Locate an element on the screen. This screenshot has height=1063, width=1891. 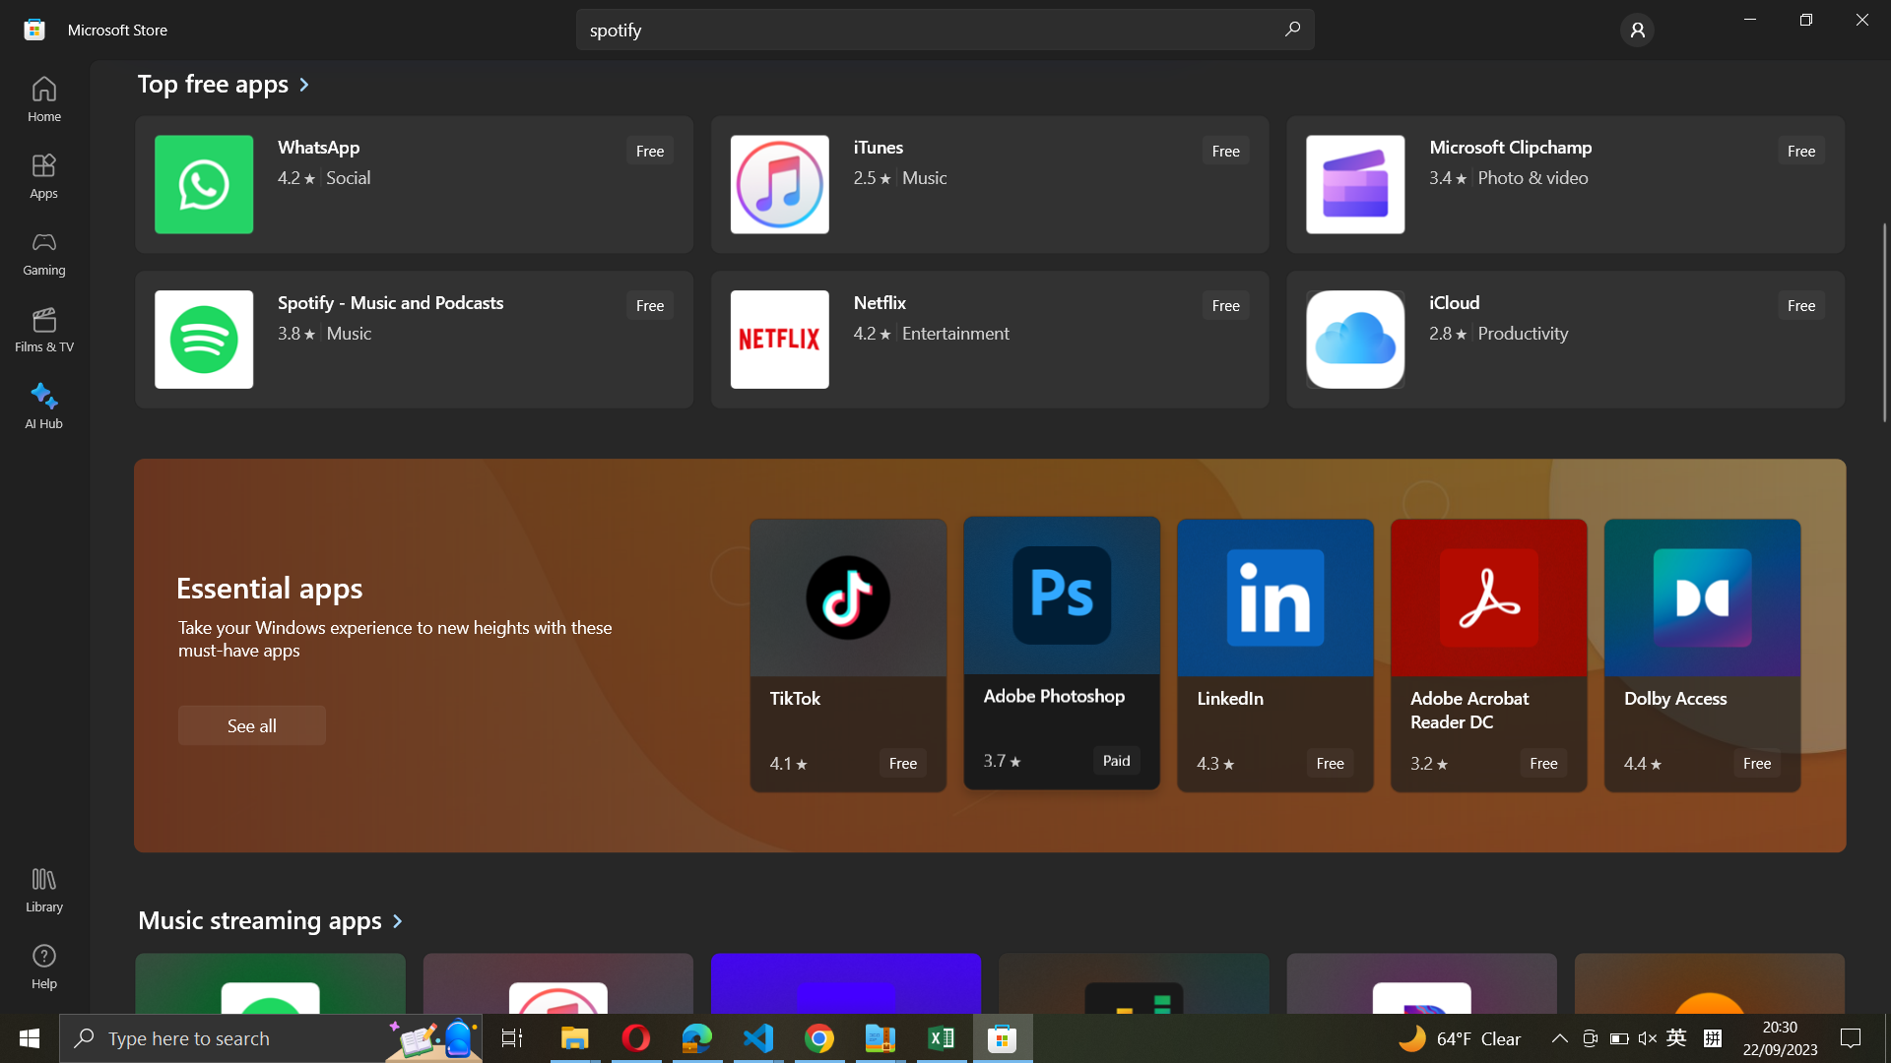
Top Free Apps Section is located at coordinates (225, 86).